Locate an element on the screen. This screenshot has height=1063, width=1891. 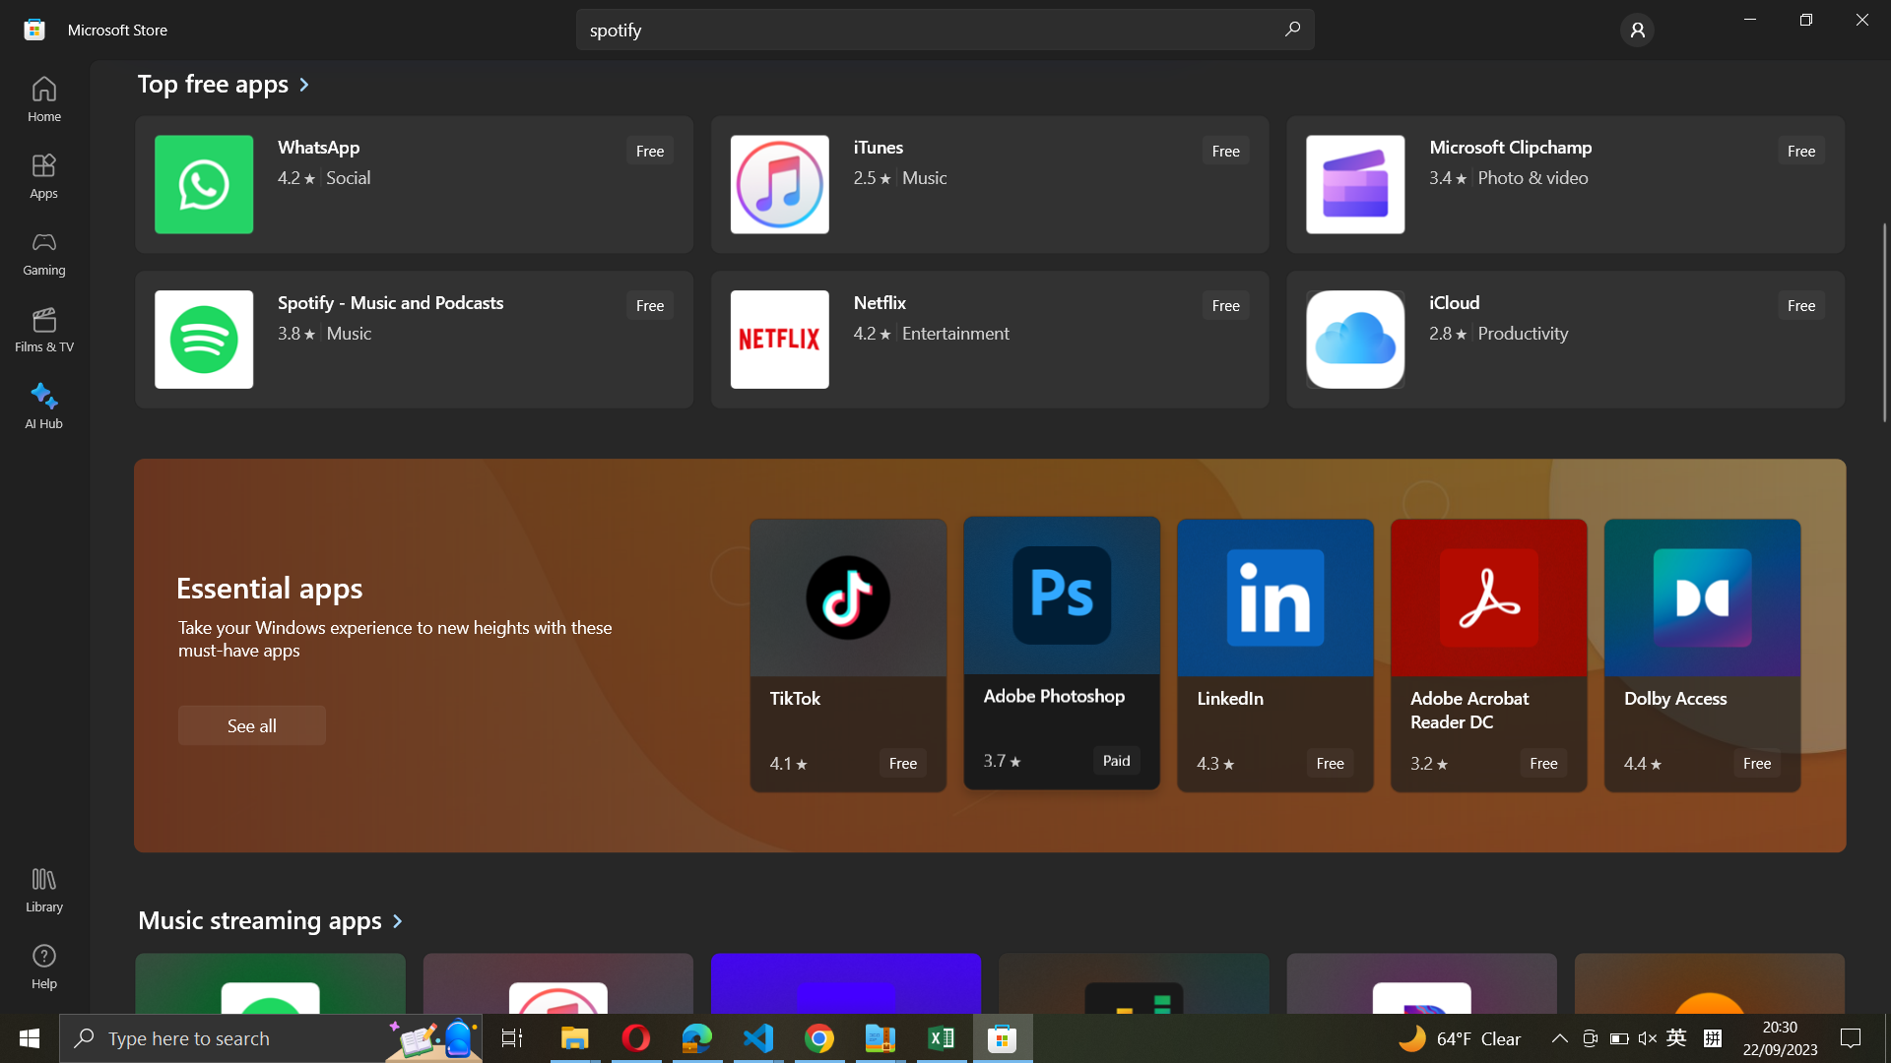
Top Free Apps Section is located at coordinates (225, 86).